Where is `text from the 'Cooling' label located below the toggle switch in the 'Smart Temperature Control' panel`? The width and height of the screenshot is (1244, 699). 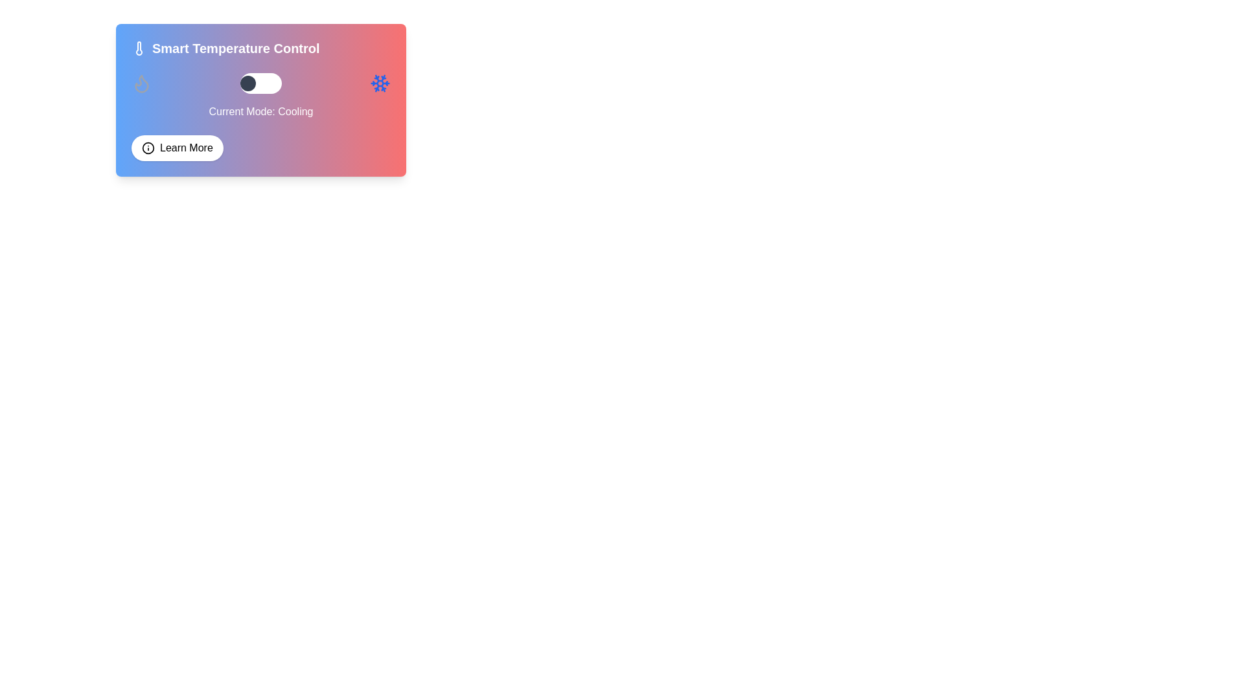
text from the 'Cooling' label located below the toggle switch in the 'Smart Temperature Control' panel is located at coordinates (260, 111).